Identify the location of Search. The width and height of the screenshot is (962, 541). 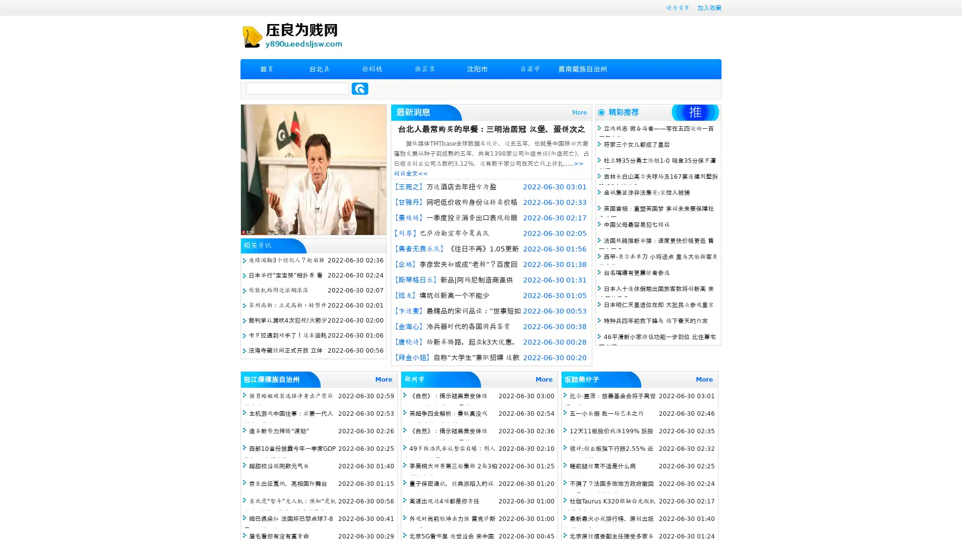
(360, 88).